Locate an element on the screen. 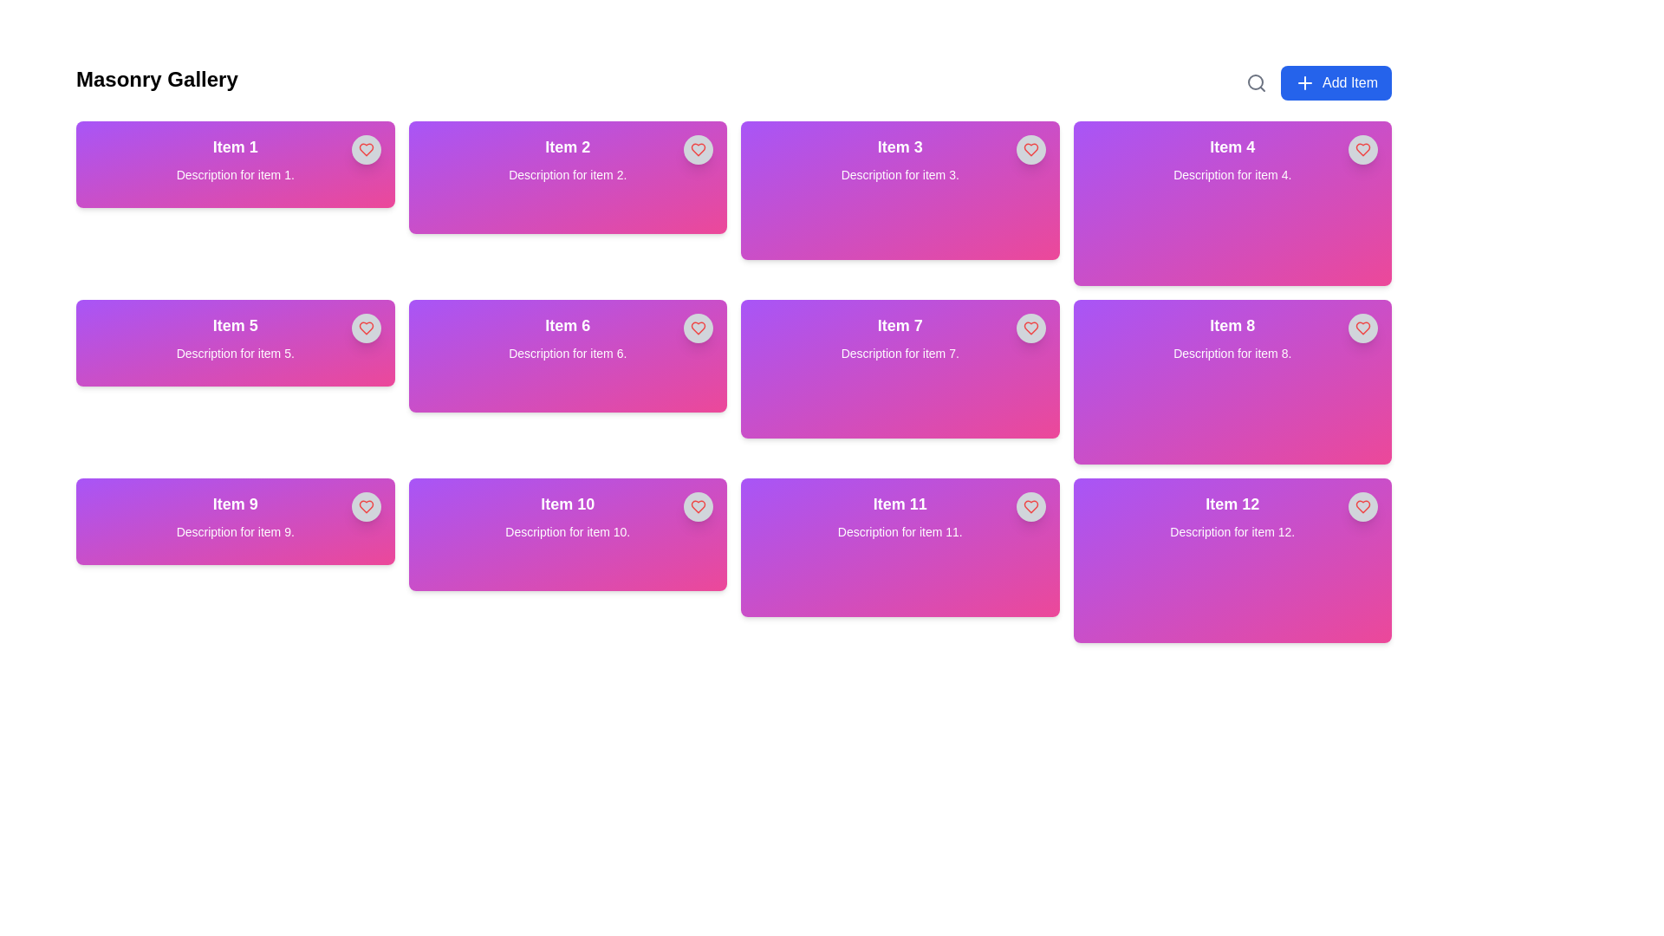 Image resolution: width=1664 pixels, height=936 pixels. the favorite button located in the top-right corner of the 'Item 1' card is located at coordinates (365, 149).